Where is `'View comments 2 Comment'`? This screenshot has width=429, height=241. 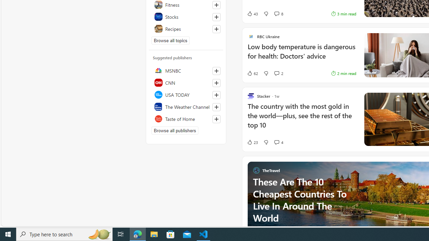
'View comments 2 Comment' is located at coordinates (278, 73).